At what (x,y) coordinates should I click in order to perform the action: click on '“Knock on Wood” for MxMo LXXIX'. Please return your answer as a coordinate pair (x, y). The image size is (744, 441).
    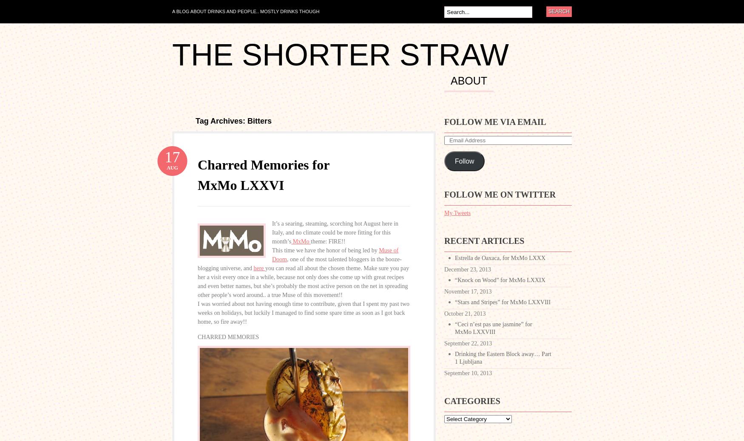
    Looking at the image, I should click on (500, 280).